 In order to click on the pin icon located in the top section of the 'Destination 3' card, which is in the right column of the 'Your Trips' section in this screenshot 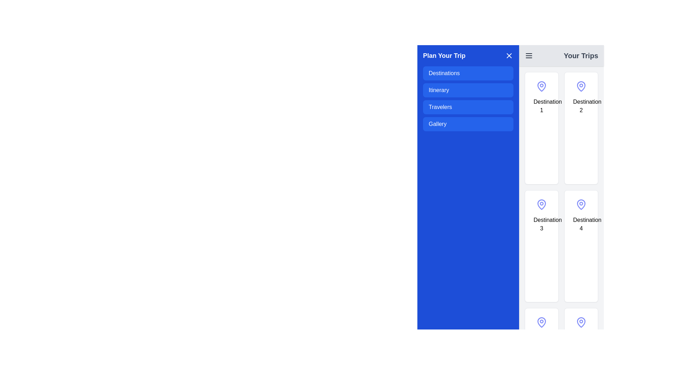, I will do `click(541, 204)`.